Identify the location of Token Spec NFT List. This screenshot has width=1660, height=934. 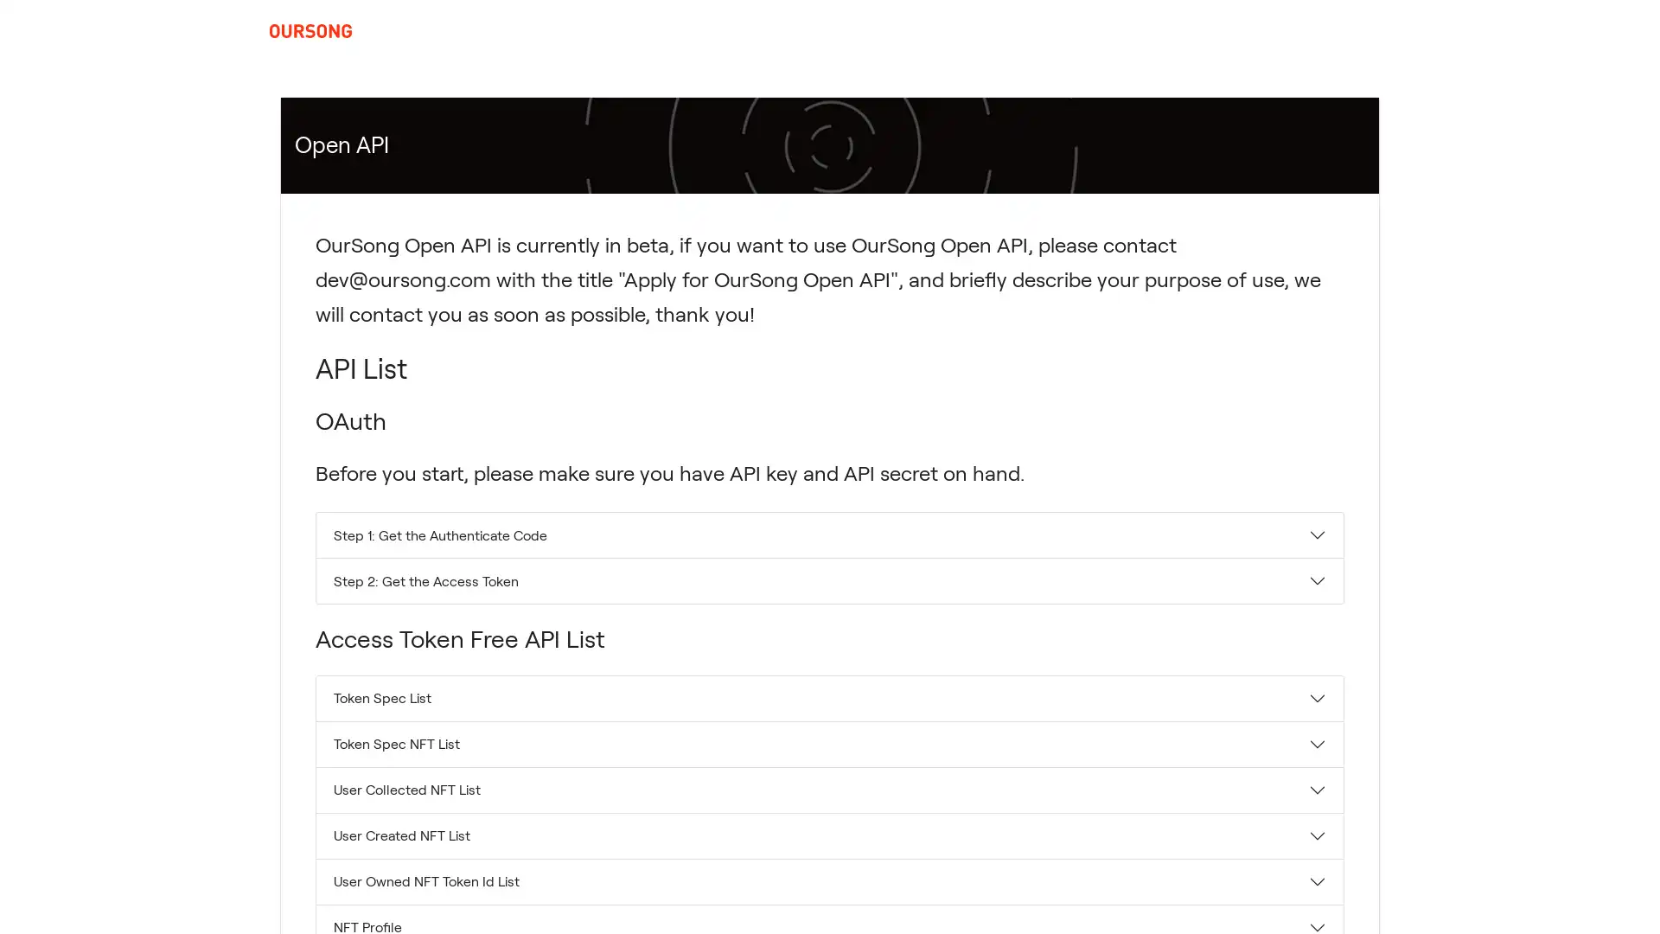
(830, 743).